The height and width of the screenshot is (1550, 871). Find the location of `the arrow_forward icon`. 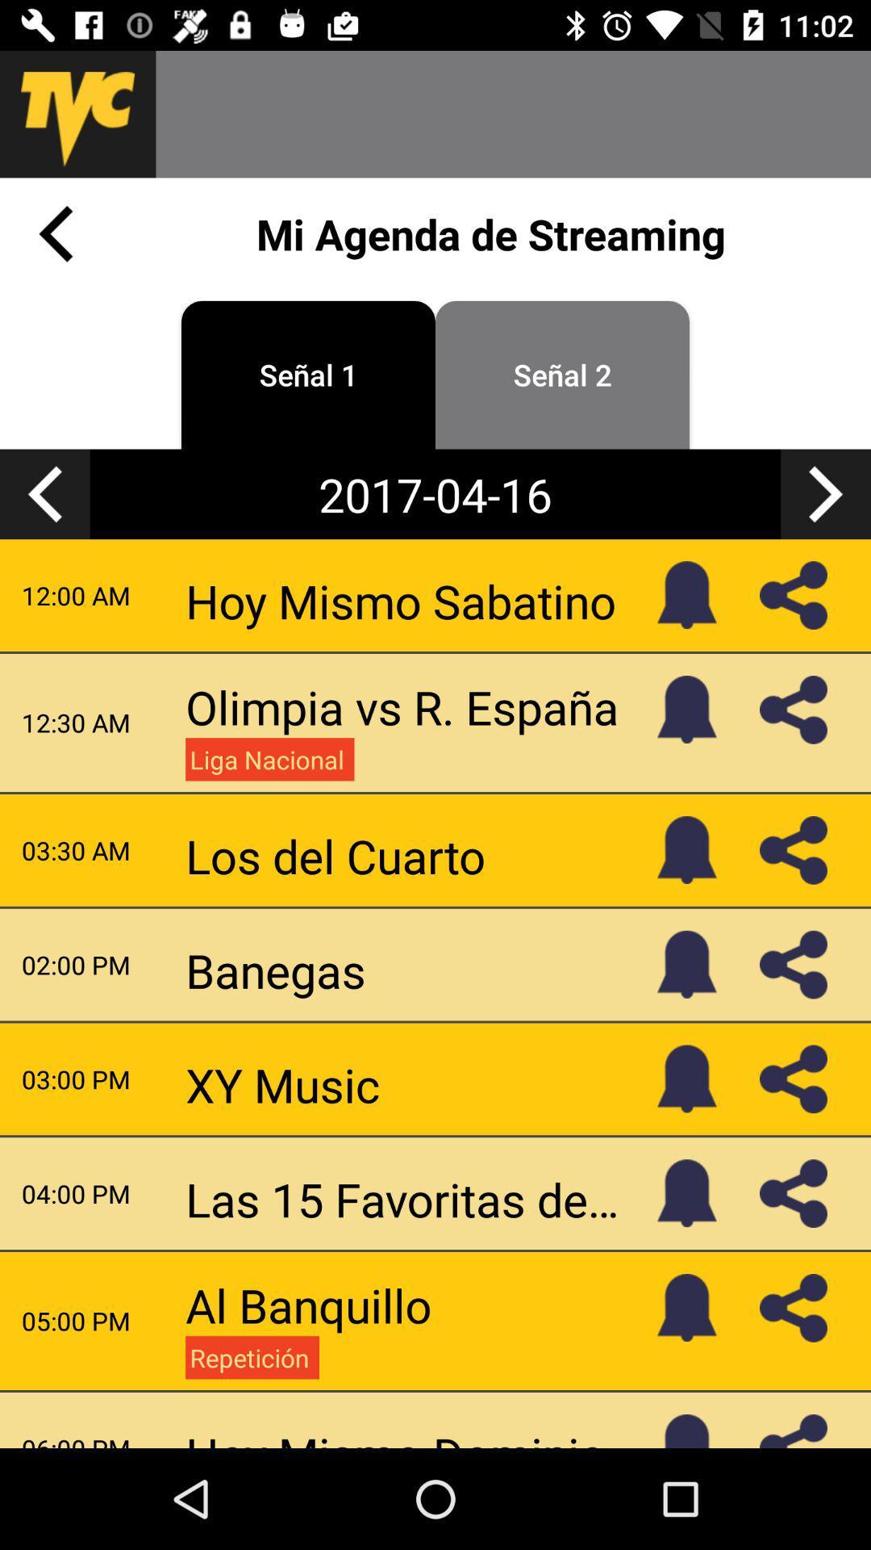

the arrow_forward icon is located at coordinates (826, 493).